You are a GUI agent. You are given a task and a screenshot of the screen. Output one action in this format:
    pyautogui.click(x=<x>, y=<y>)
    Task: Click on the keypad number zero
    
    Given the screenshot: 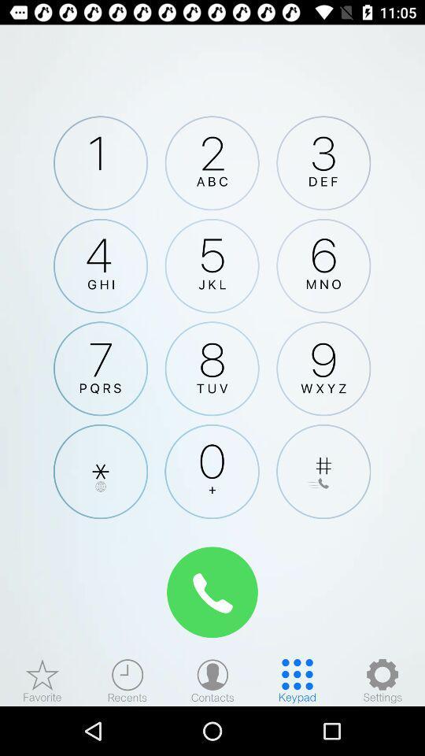 What is the action you would take?
    pyautogui.click(x=212, y=472)
    